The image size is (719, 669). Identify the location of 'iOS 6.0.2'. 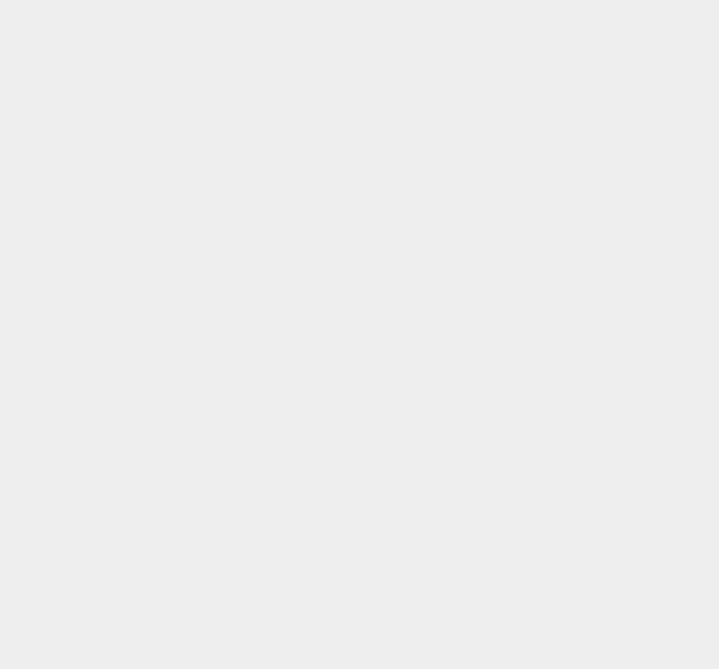
(525, 340).